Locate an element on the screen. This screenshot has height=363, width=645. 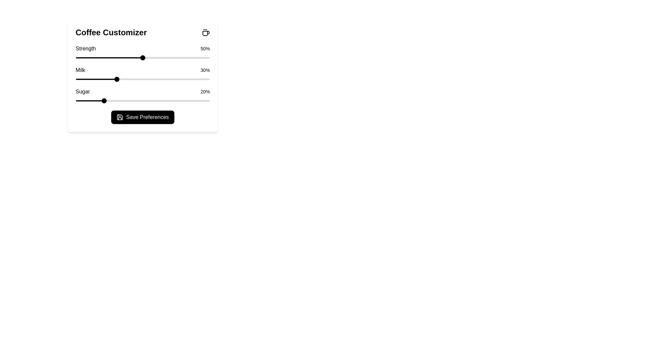
the coffee-related icon in the top right corner of the 'Coffee Customizer' card, which resembles a mug with a handle and a circular base is located at coordinates (206, 33).